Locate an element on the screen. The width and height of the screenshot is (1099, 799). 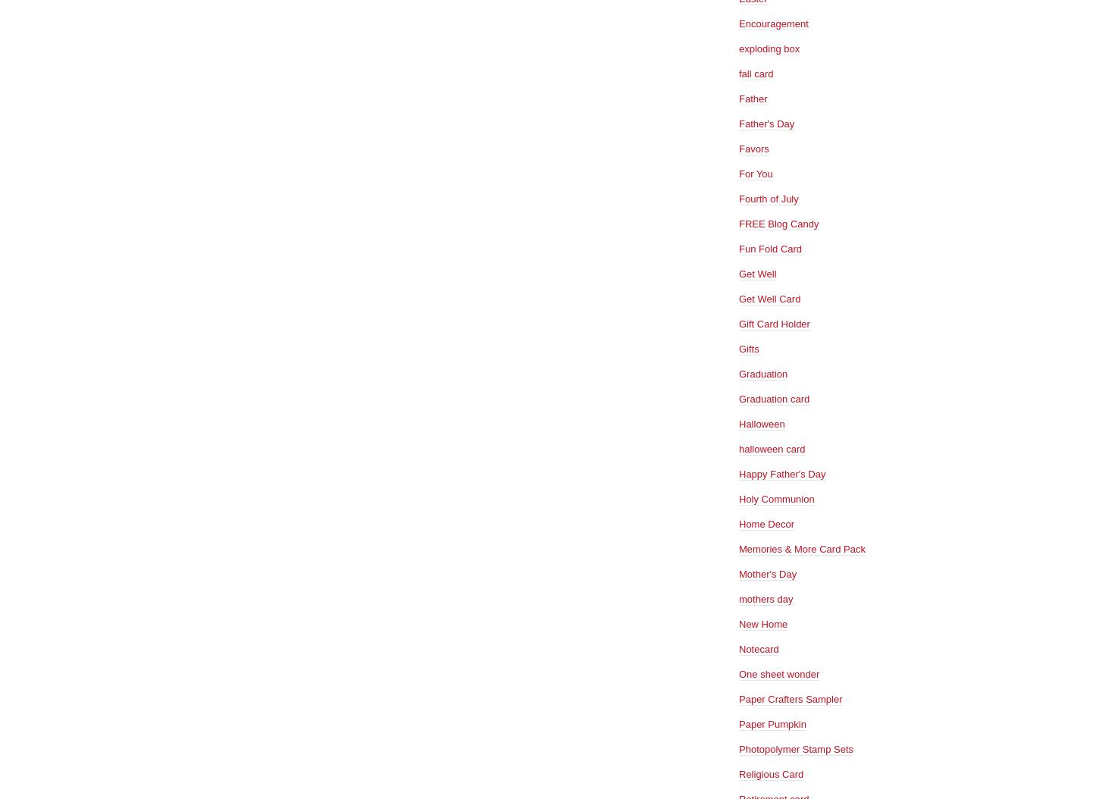
'Encouragement' is located at coordinates (773, 23).